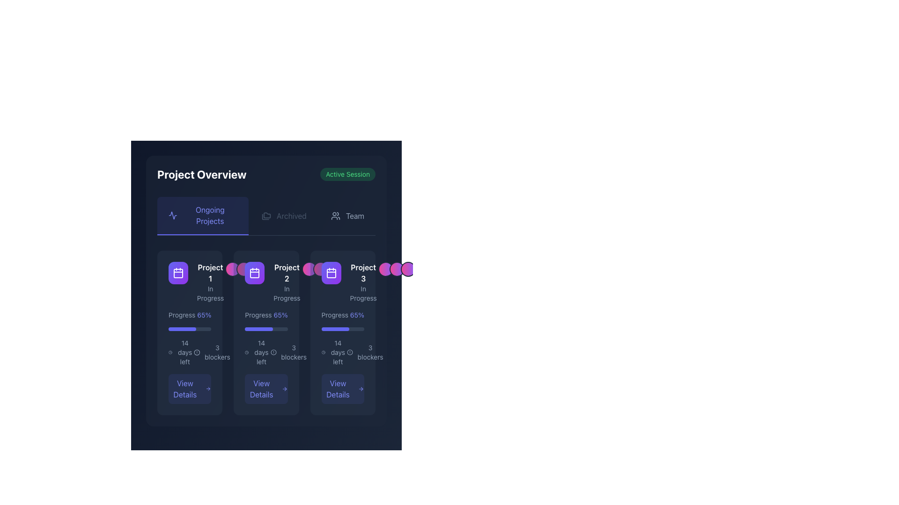  Describe the element at coordinates (335, 329) in the screenshot. I see `the filled portion of the progress bar representing the completion level of the third project in the 'Ongoing Projects' section` at that location.